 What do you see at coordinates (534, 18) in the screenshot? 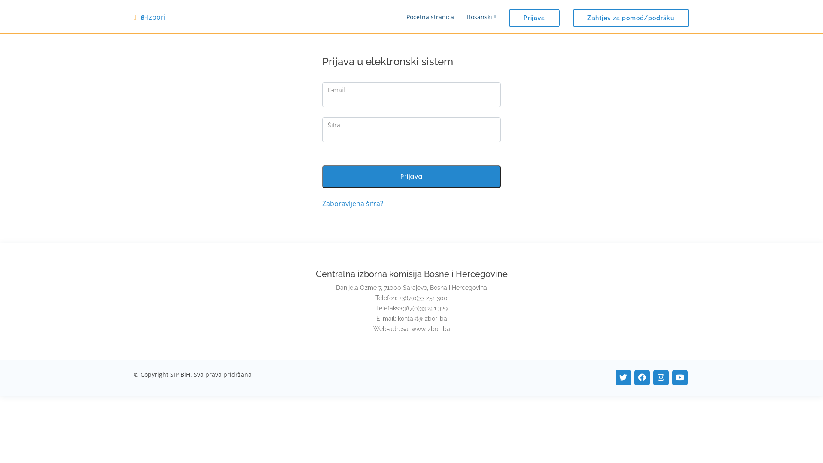
I see `'Prijava'` at bounding box center [534, 18].